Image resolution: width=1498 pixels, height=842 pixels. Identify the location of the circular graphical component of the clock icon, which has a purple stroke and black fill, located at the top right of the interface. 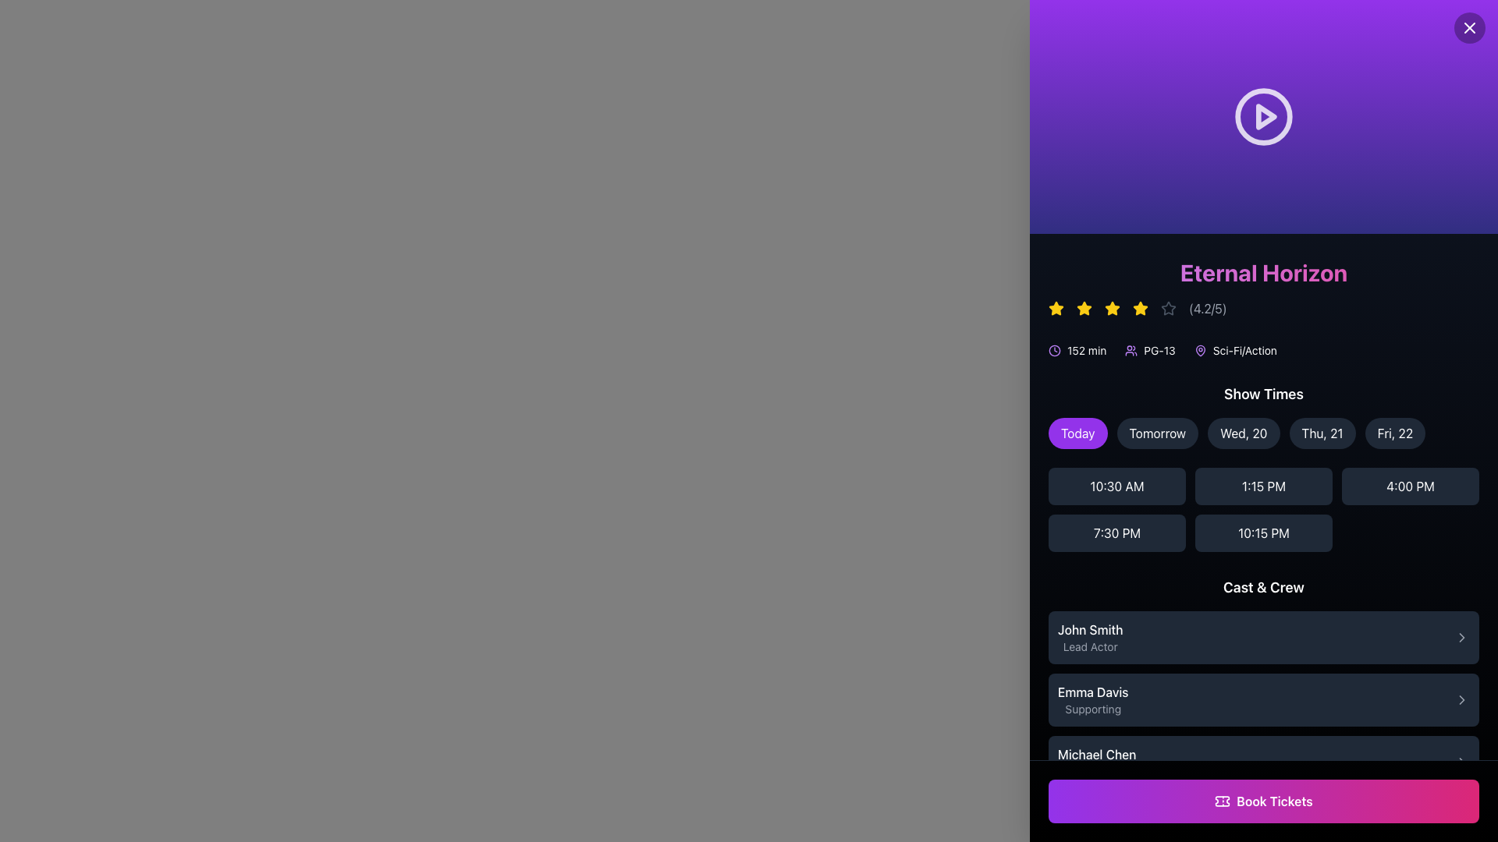
(1055, 351).